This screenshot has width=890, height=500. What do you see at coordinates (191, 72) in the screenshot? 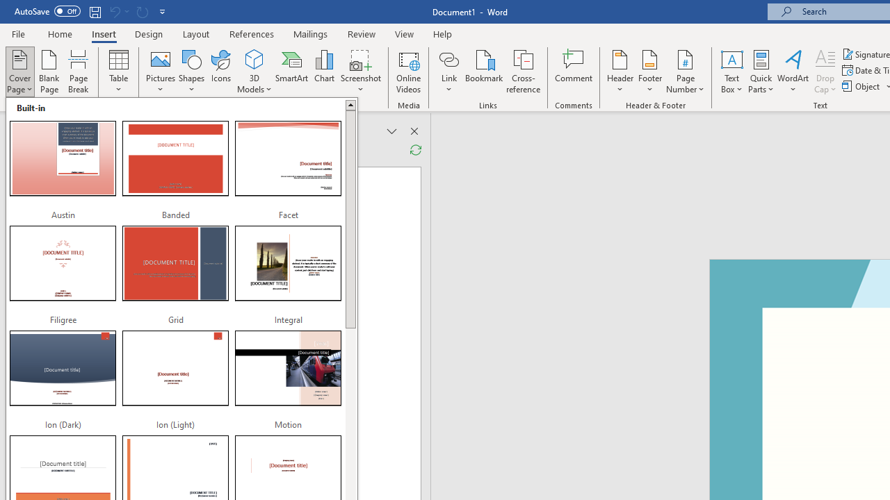
I see `'Shapes'` at bounding box center [191, 72].